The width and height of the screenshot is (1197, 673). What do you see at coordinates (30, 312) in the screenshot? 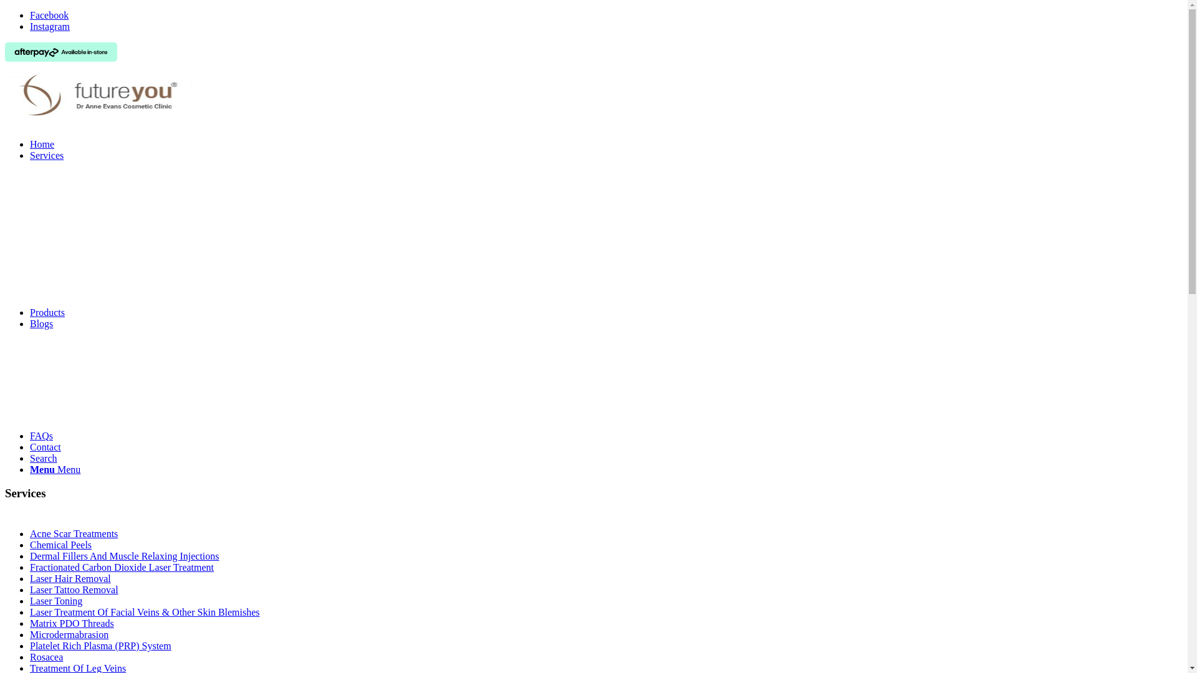
I see `'Products'` at bounding box center [30, 312].